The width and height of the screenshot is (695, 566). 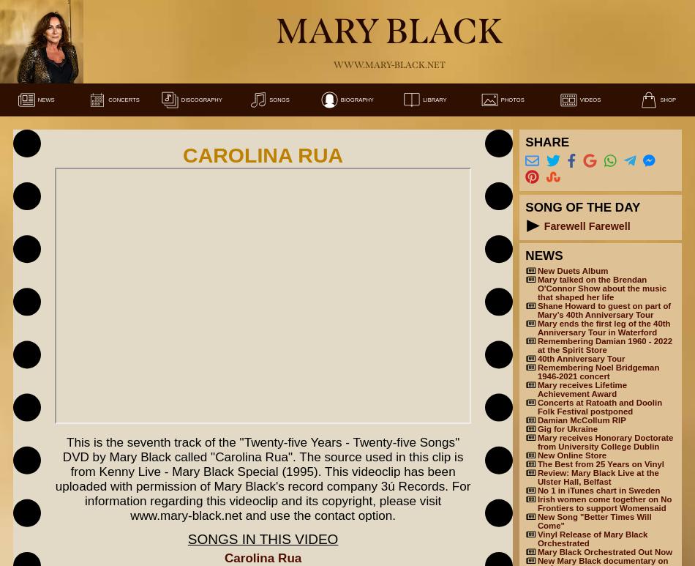 What do you see at coordinates (602, 328) in the screenshot?
I see `'Mary ends the first leg of the 40th Anniversary Tour in Waterford'` at bounding box center [602, 328].